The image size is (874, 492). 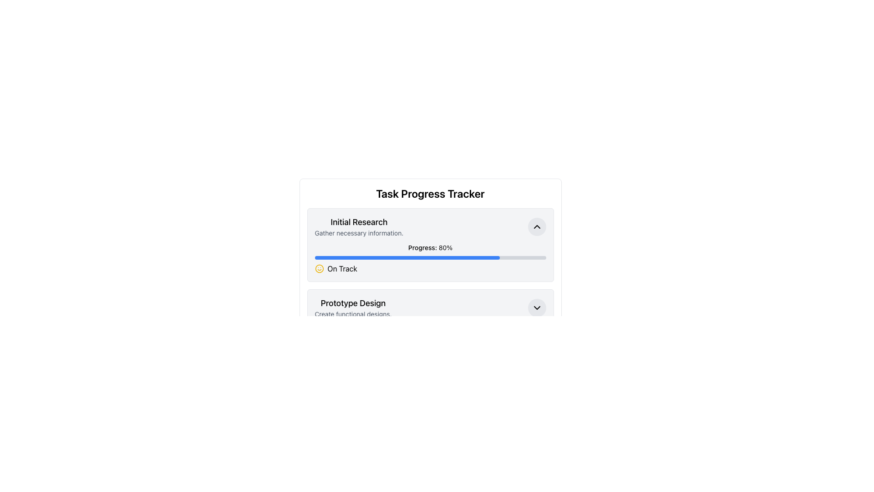 What do you see at coordinates (407, 258) in the screenshot?
I see `progress represented by the 'Progress: 80%' bar located in the 'Initial Research' section, which visually indicates 80% completion` at bounding box center [407, 258].